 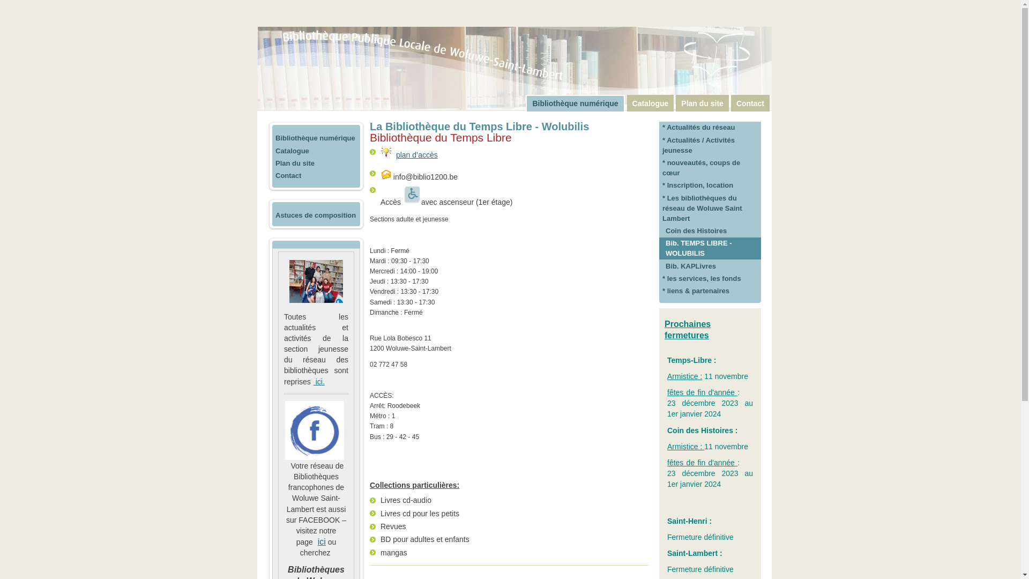 What do you see at coordinates (386, 152) in the screenshot?
I see `'enlightened'` at bounding box center [386, 152].